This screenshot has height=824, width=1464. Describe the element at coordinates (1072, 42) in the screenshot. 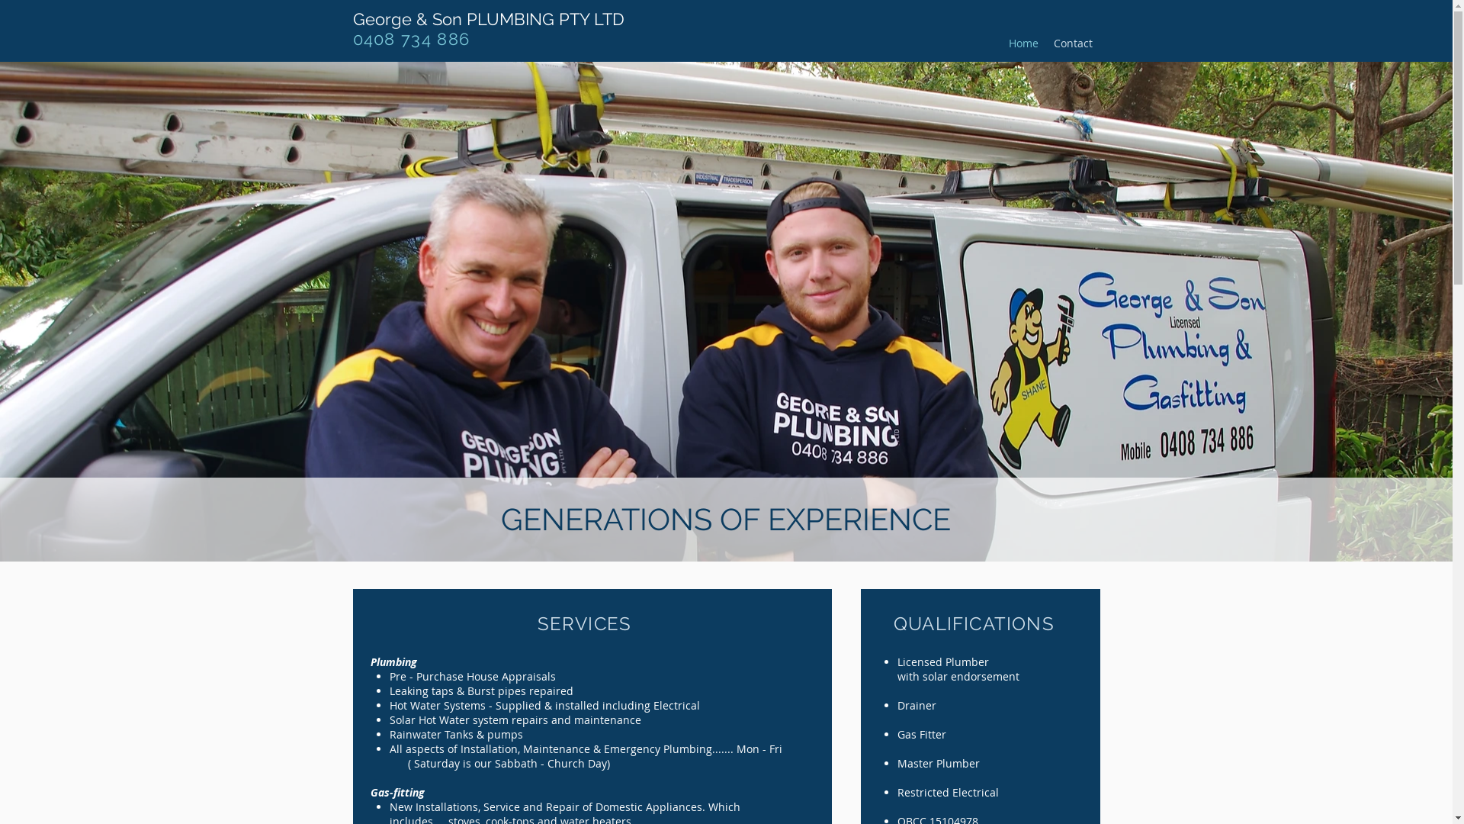

I see `'Contact'` at that location.